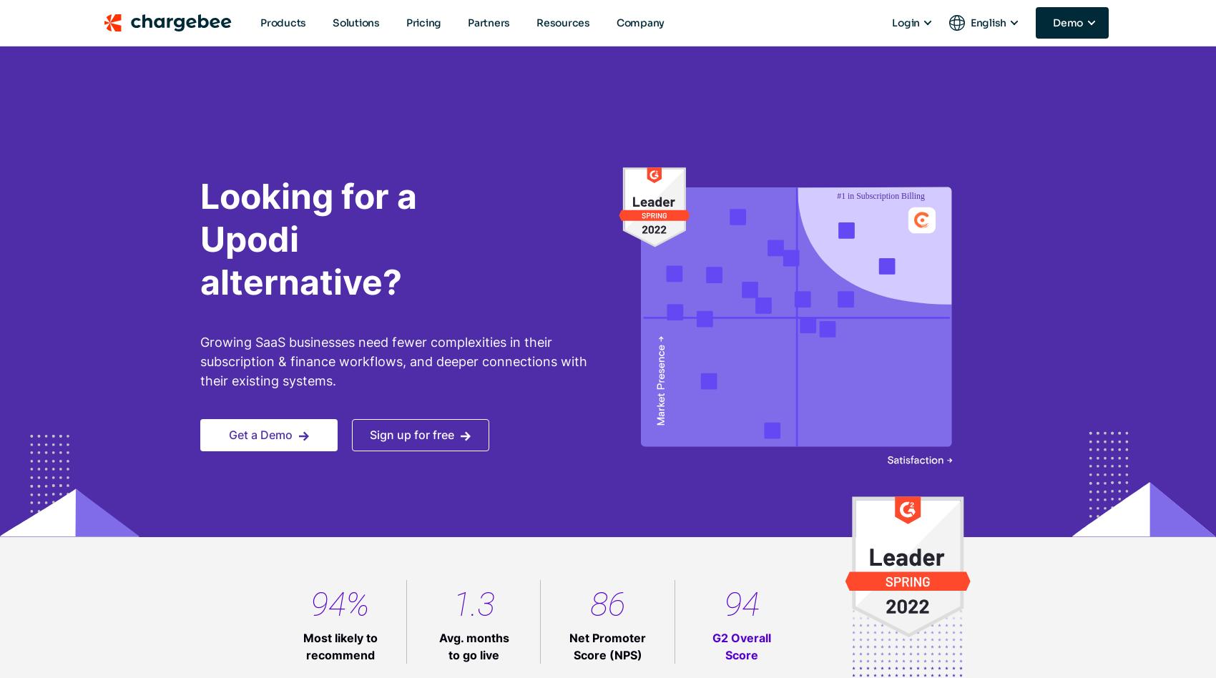 The width and height of the screenshot is (1216, 678). I want to click on 'Accept all', so click(675, 517).